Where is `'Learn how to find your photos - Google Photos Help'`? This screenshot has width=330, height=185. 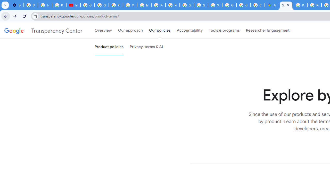
'Learn how to find your photos - Google Photos Help' is located at coordinates (45, 5).